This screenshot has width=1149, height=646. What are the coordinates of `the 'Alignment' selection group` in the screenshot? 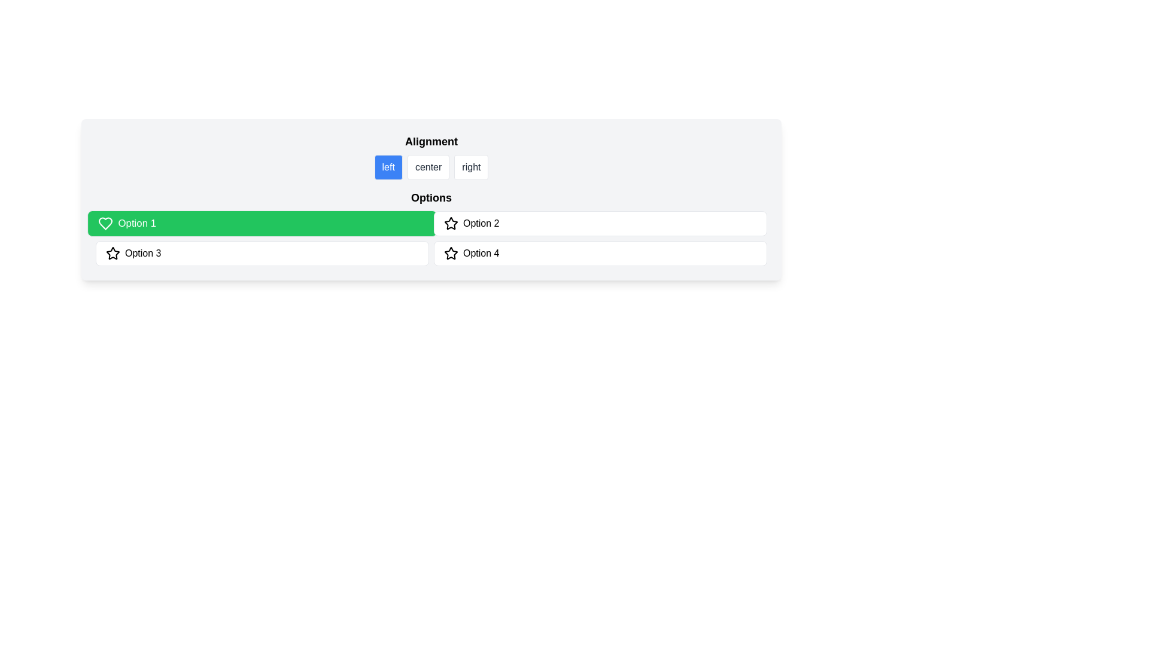 It's located at (431, 156).